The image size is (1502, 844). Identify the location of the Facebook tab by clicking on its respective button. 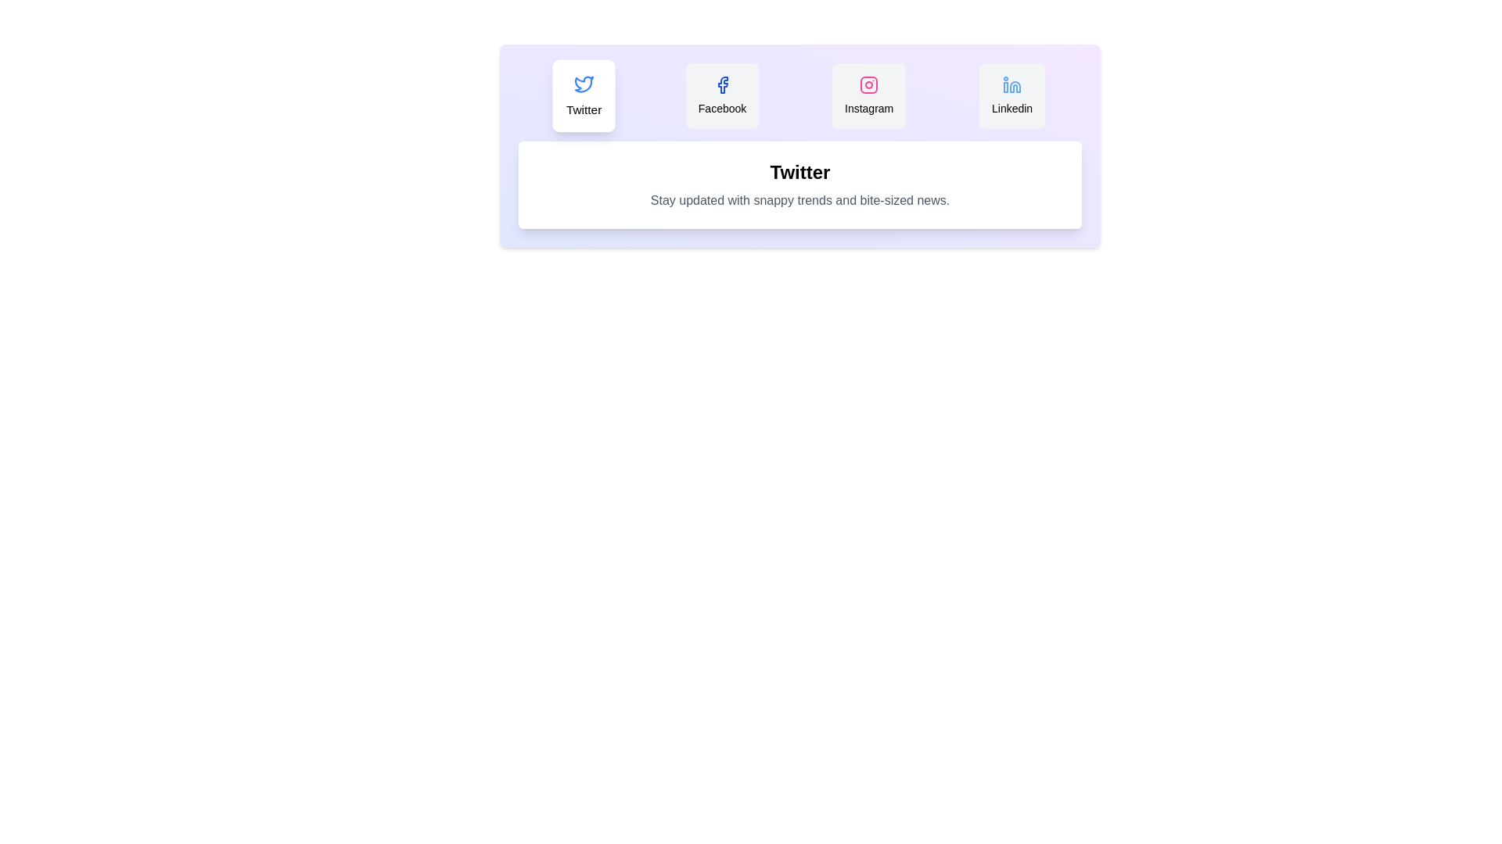
(721, 96).